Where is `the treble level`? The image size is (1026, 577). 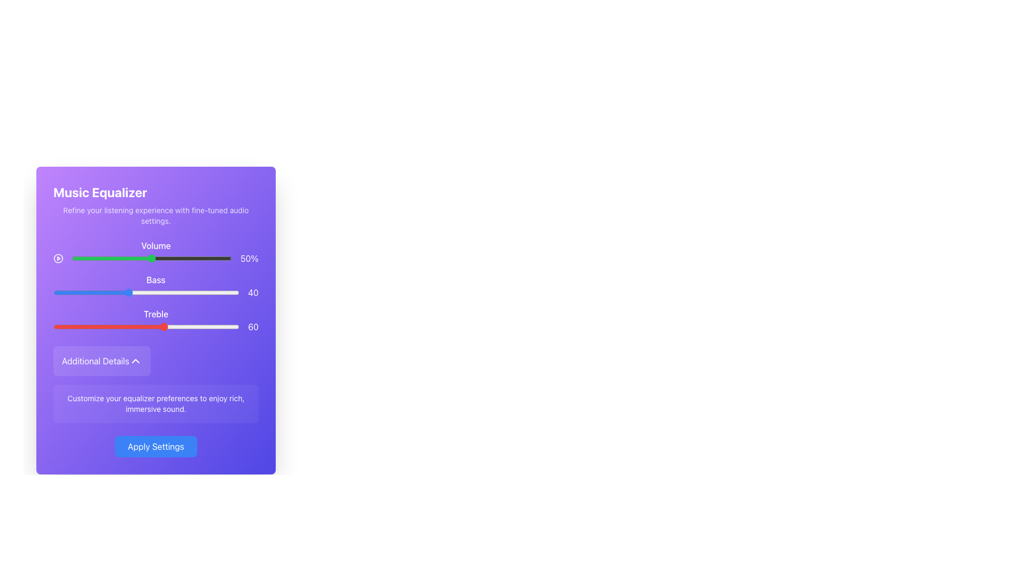
the treble level is located at coordinates (172, 326).